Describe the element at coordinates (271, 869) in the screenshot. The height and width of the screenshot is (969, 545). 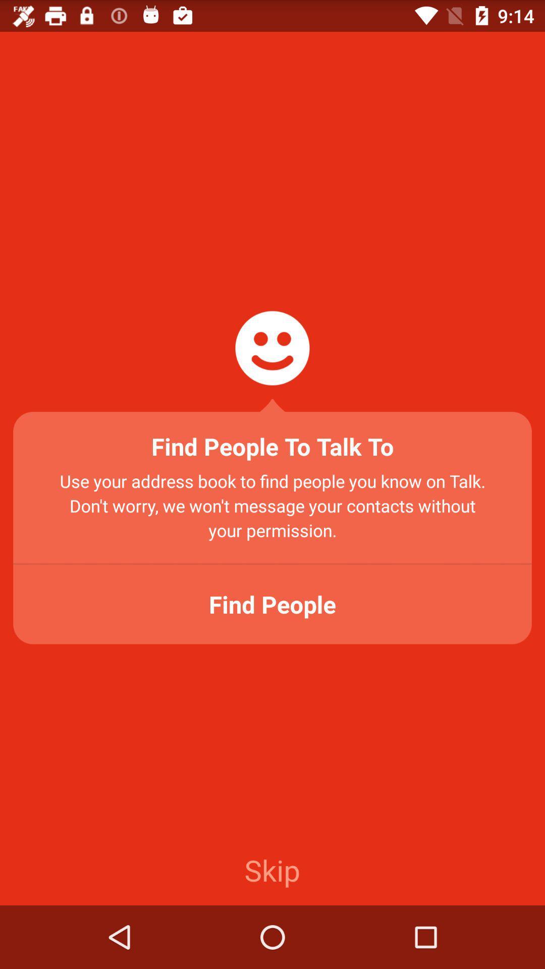
I see `the skip app` at that location.